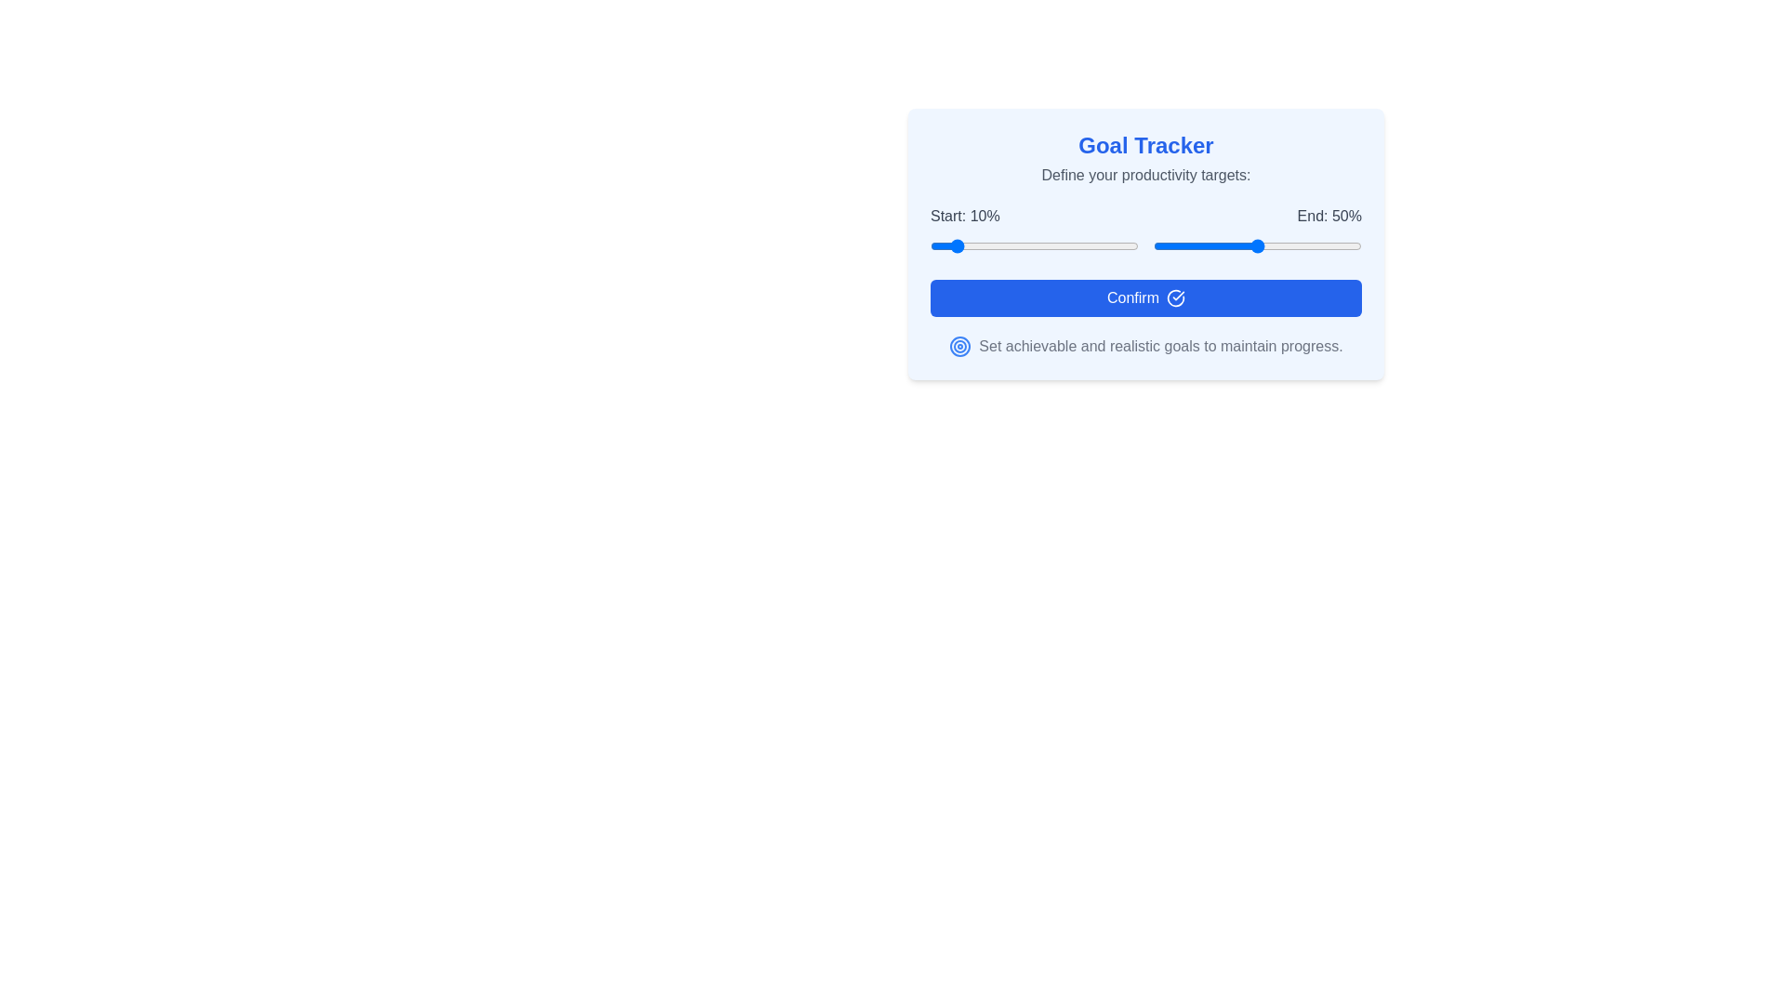 The width and height of the screenshot is (1785, 1004). I want to click on the text label displaying 'Start: 10%' and 'End: 50%' which is styled in gray and aligned horizontally, located above the slider interface, so click(1145, 215).